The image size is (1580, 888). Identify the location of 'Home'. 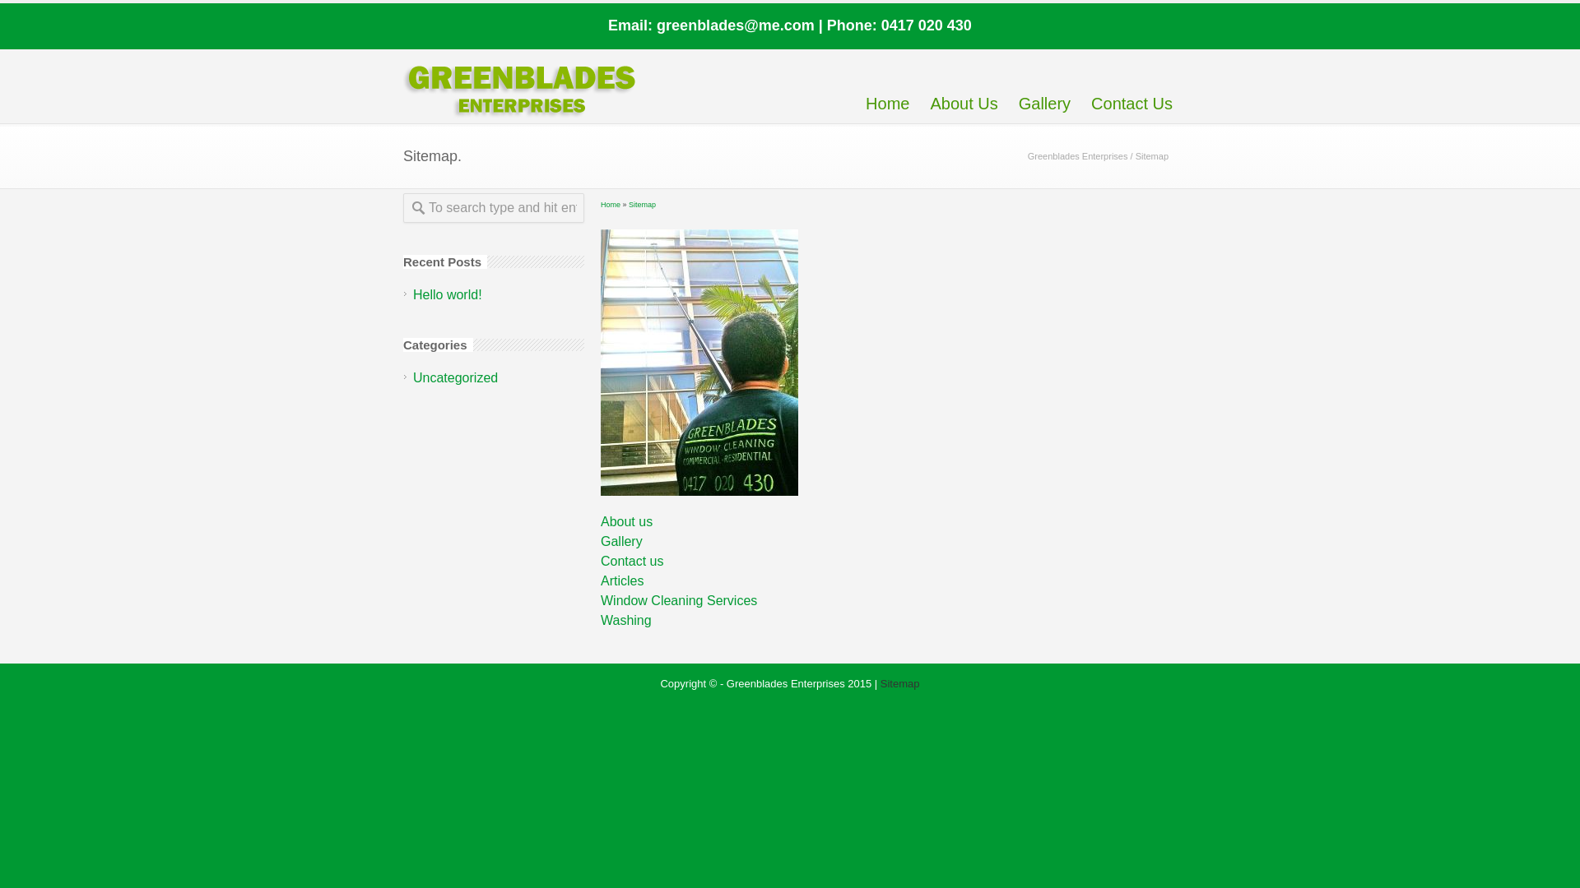
(610, 204).